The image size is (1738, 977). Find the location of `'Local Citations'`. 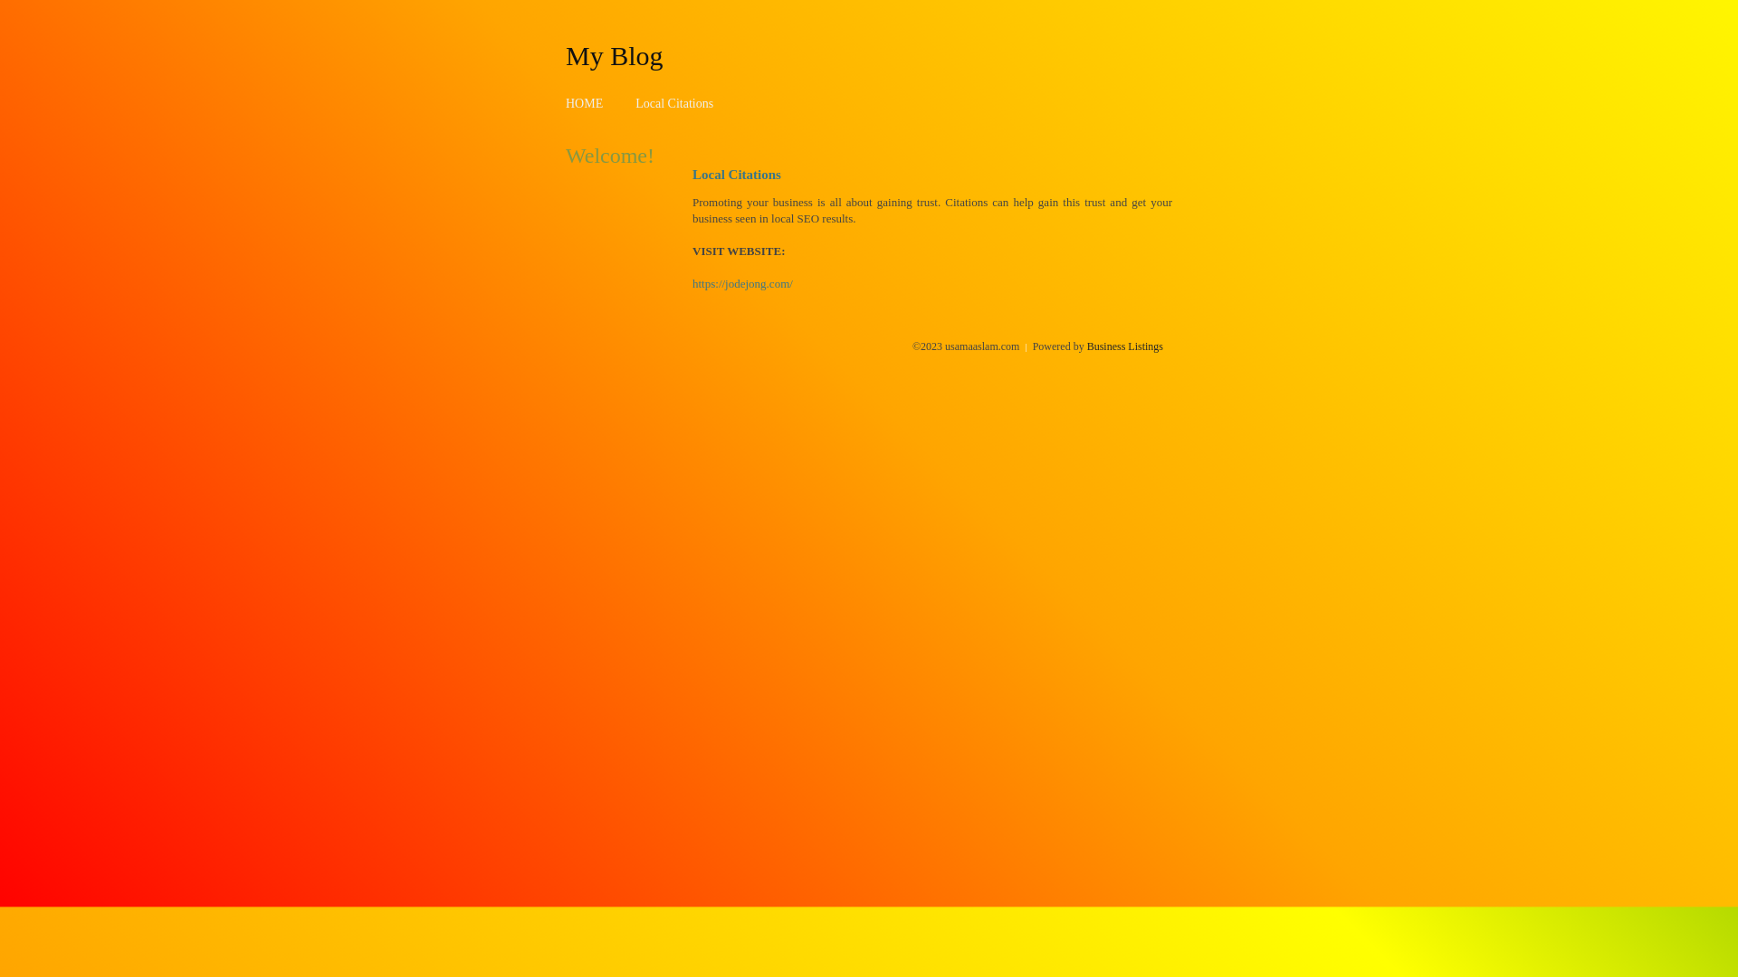

'Local Citations' is located at coordinates (673, 103).